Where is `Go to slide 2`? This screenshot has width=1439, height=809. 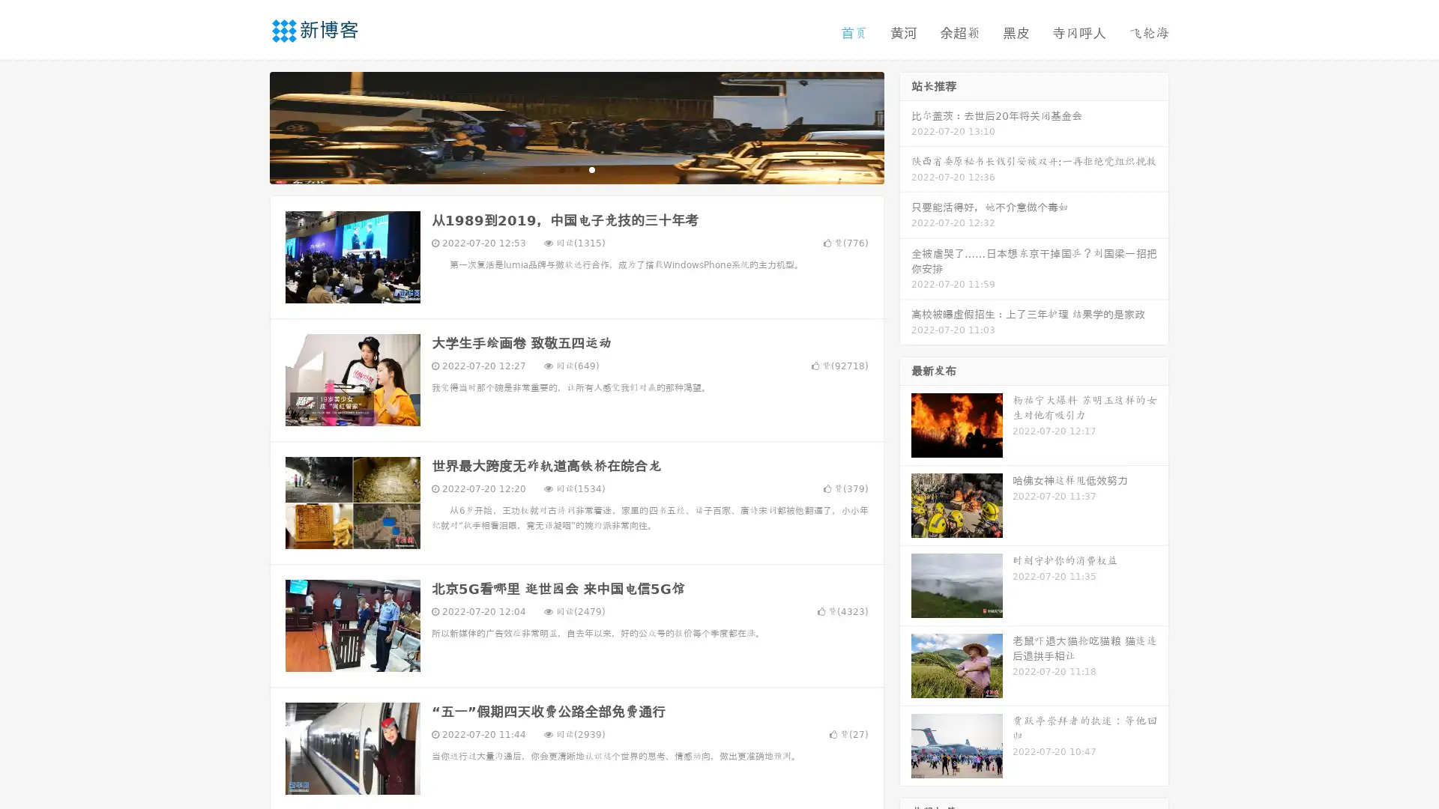 Go to slide 2 is located at coordinates (576, 169).